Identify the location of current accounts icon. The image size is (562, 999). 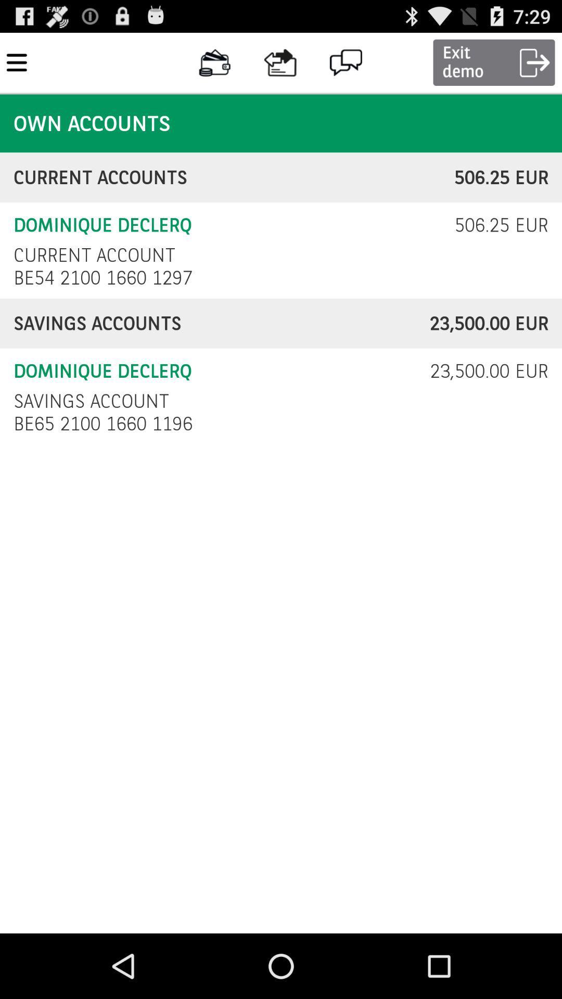
(234, 177).